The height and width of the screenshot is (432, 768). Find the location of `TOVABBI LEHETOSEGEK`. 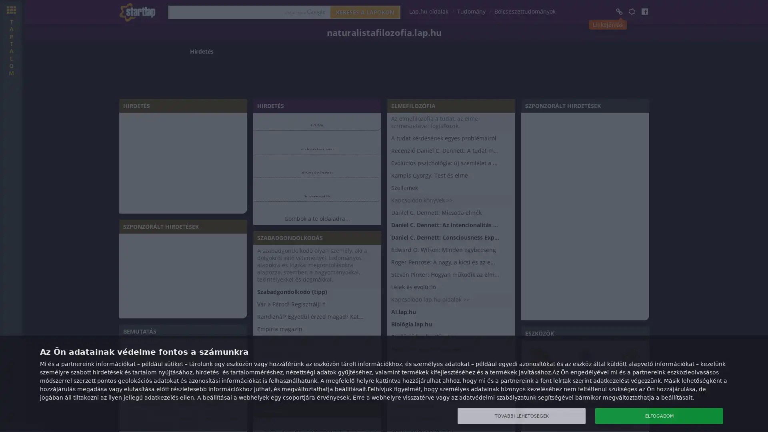

TOVABBI LEHETOSEGEK is located at coordinates (522, 416).